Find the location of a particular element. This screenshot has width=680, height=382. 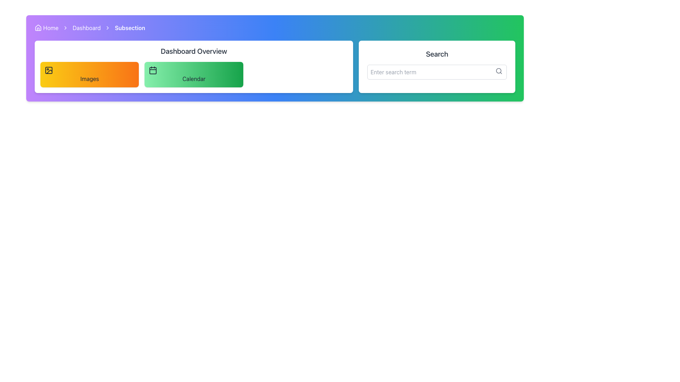

the navigational button located immediately to the right of the 'Images' button is located at coordinates (194, 75).